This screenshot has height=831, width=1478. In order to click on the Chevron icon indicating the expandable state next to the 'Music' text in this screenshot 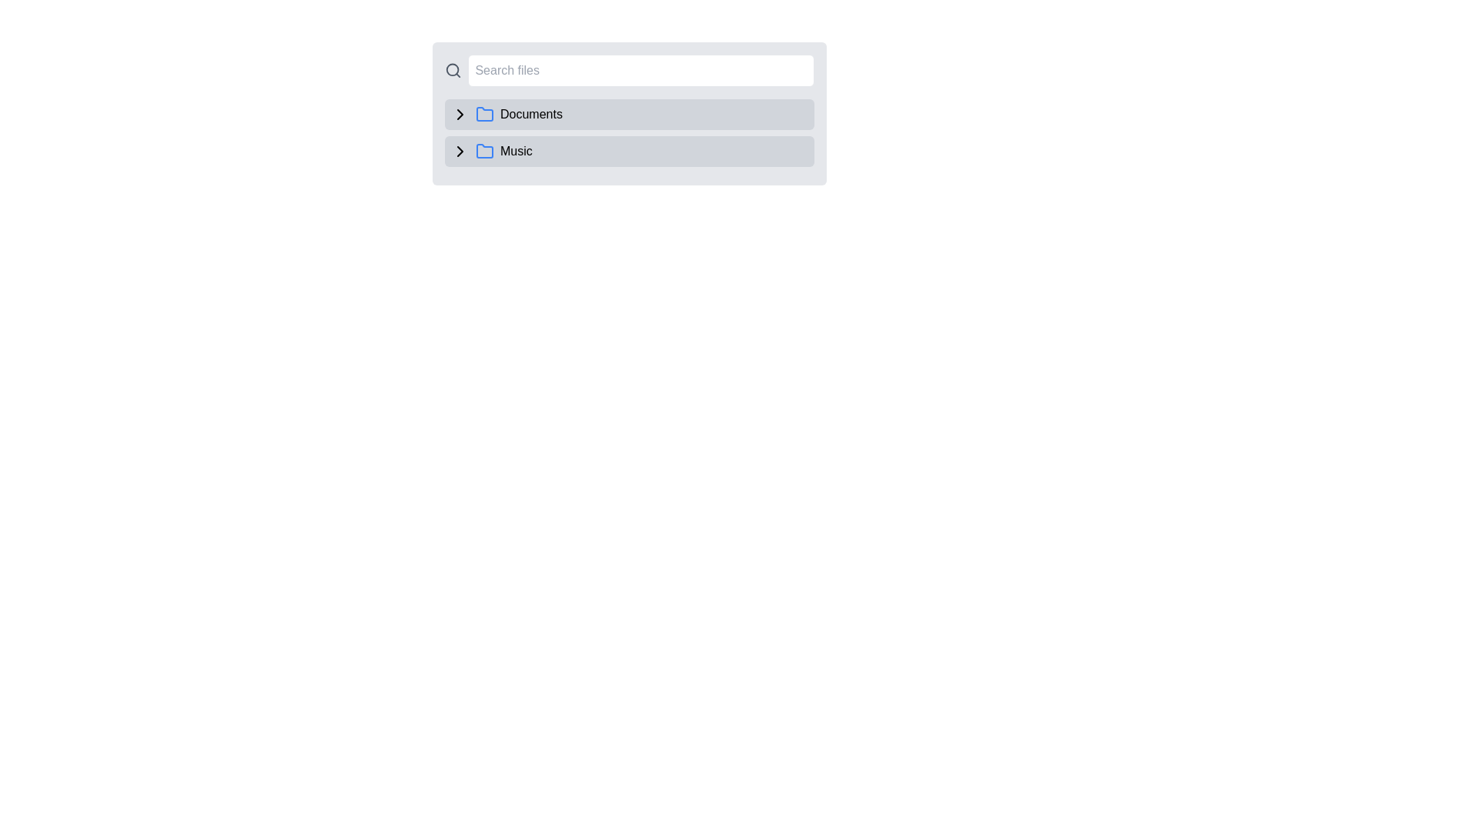, I will do `click(460, 151)`.